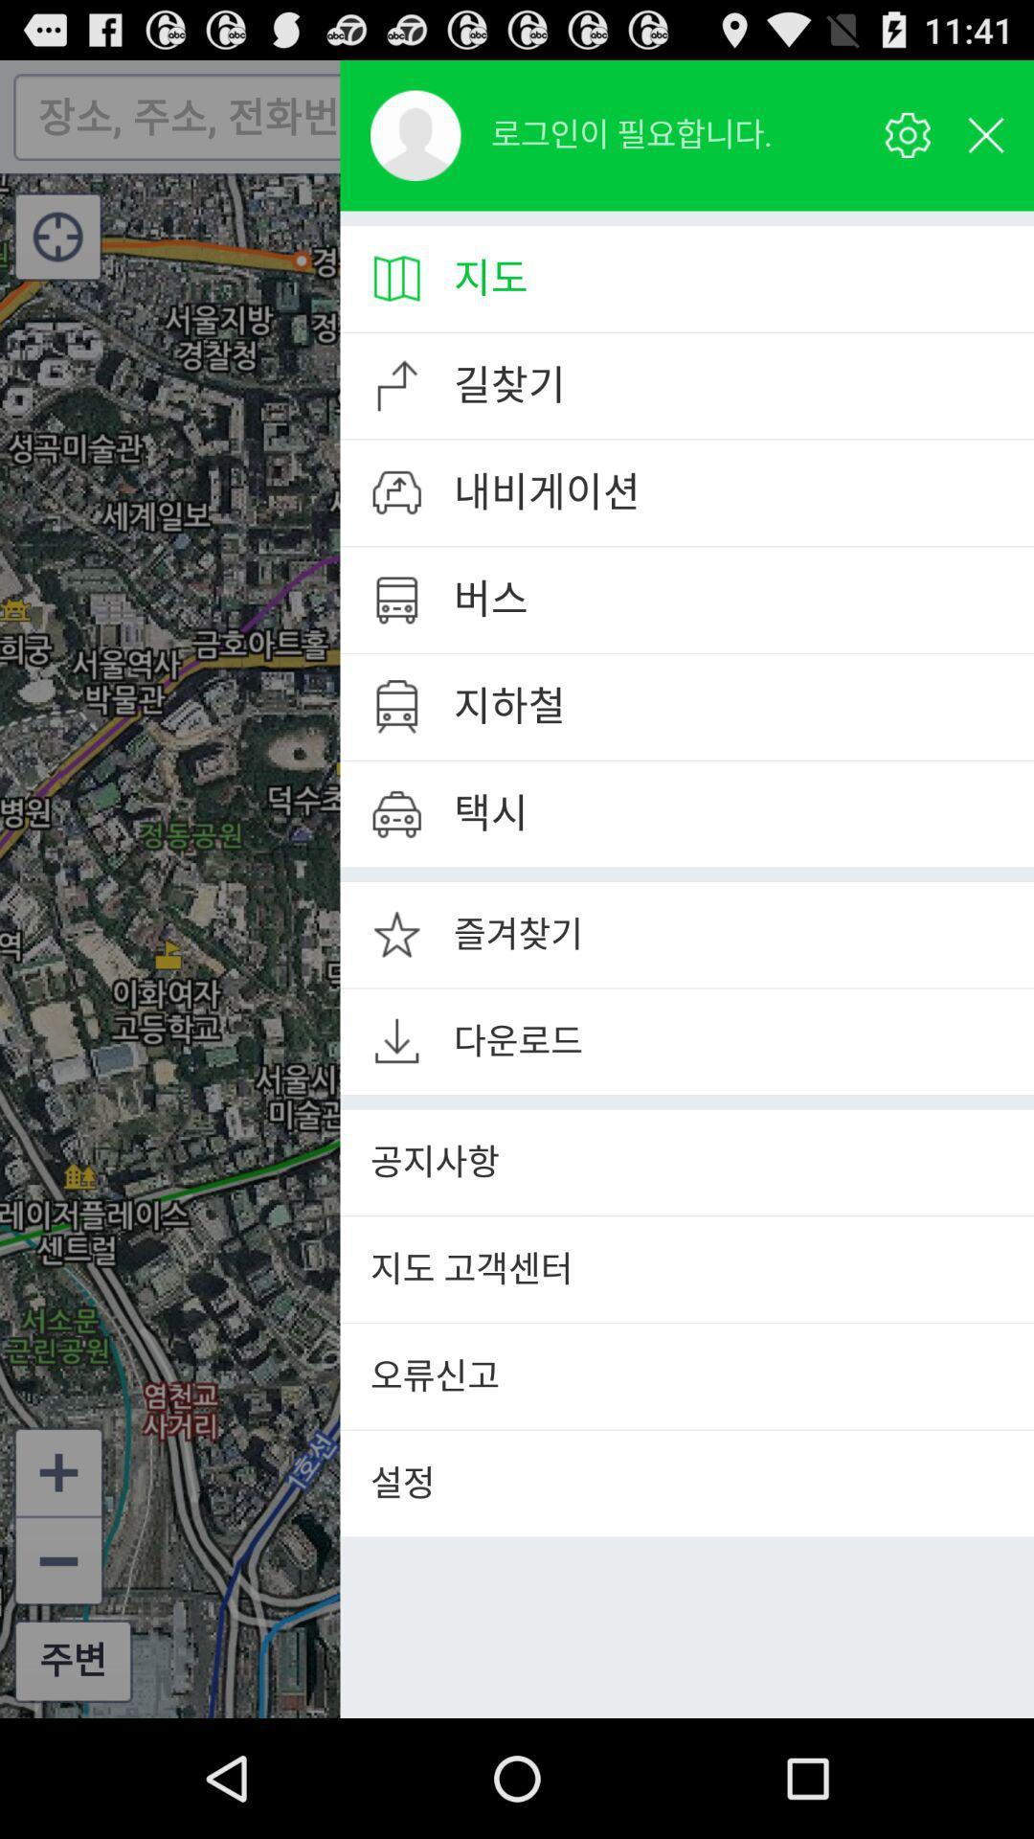 This screenshot has width=1034, height=1839. What do you see at coordinates (415, 144) in the screenshot?
I see `the avatar icon` at bounding box center [415, 144].